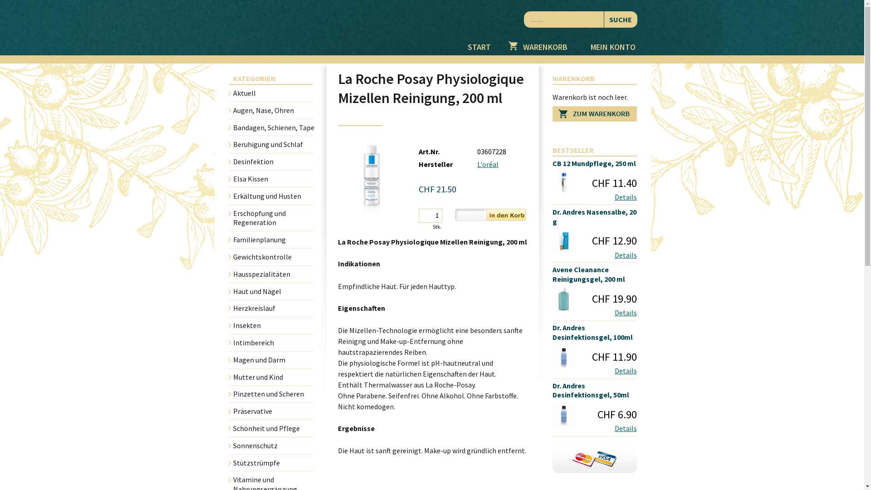  What do you see at coordinates (272, 144) in the screenshot?
I see `'Beruhigung und Schlaf'` at bounding box center [272, 144].